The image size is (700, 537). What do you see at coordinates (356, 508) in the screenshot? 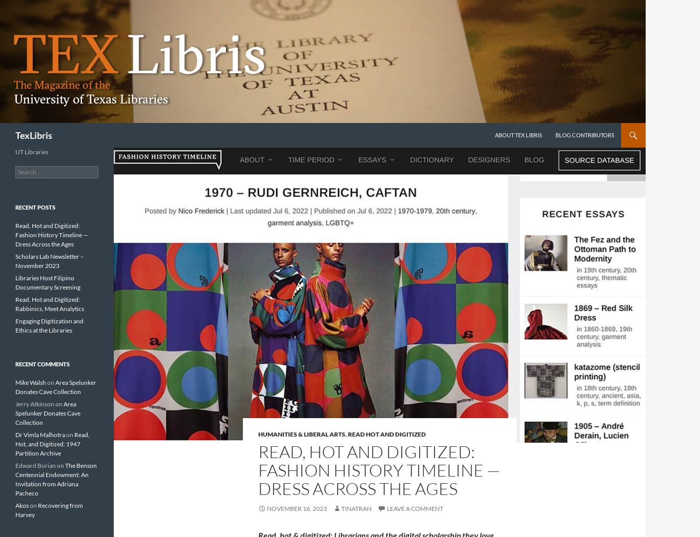
I see `'tinatran'` at bounding box center [356, 508].